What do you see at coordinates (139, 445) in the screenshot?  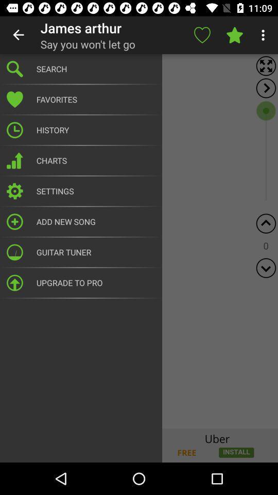 I see `install uber` at bounding box center [139, 445].